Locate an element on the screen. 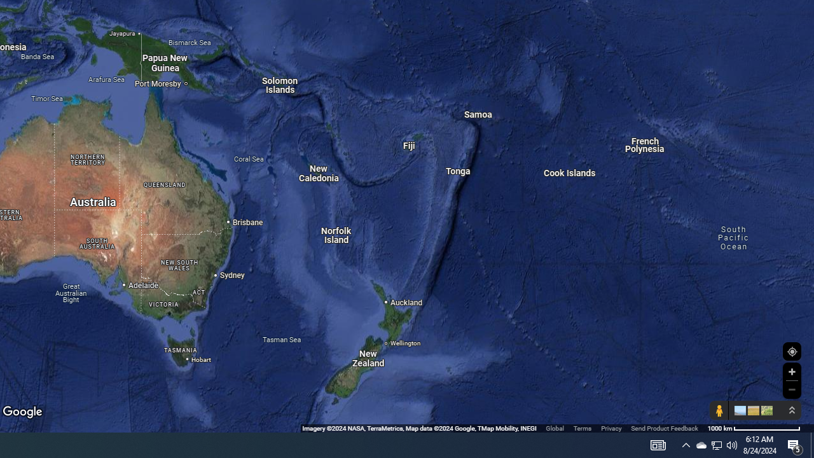  'Show Your Location' is located at coordinates (791, 351).